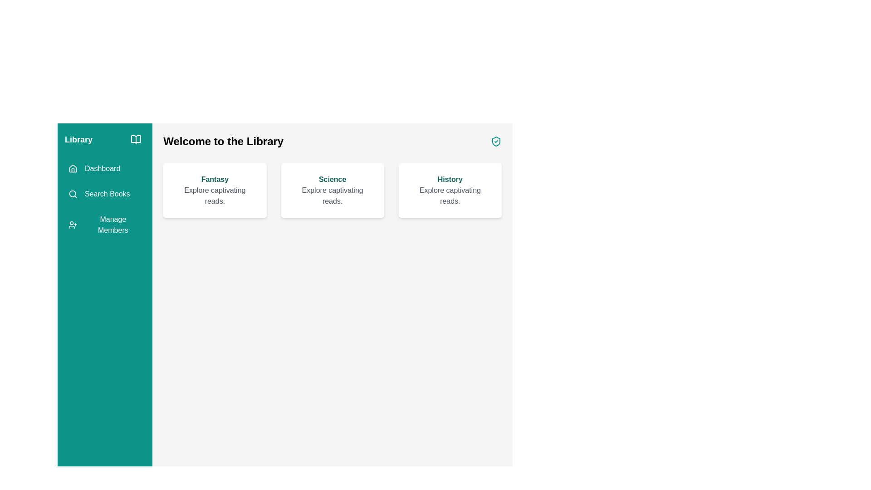 Image resolution: width=871 pixels, height=490 pixels. Describe the element at coordinates (496, 142) in the screenshot. I see `the icon located in the top-right corner of the central interface view, next to the 'Welcome to the Library' heading` at that location.